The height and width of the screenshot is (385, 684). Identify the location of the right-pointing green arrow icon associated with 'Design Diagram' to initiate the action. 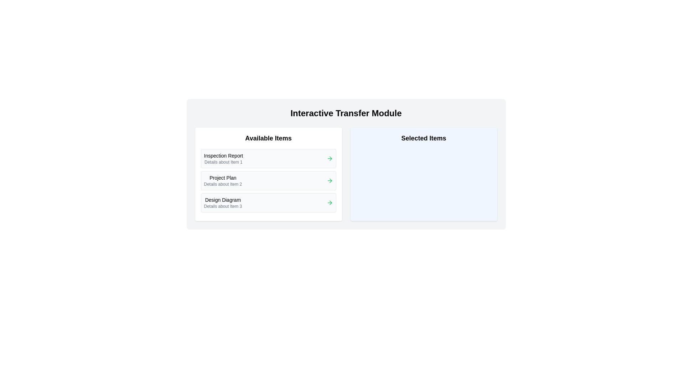
(329, 203).